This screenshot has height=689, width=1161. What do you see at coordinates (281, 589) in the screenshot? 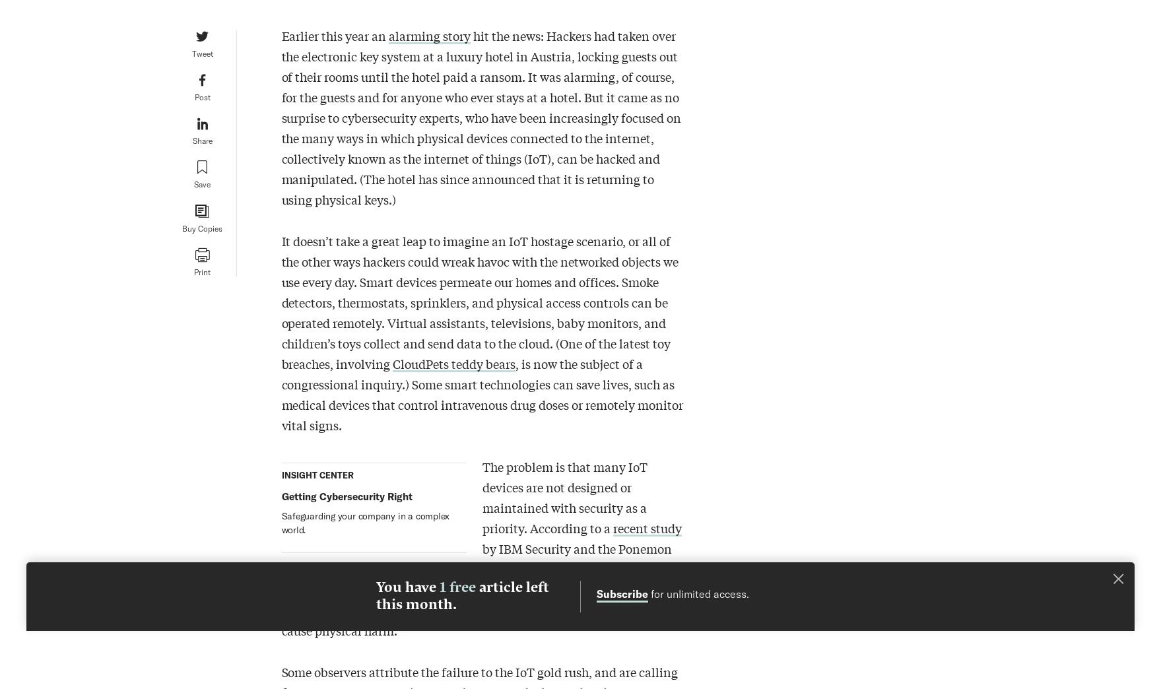
I see `'by IBM Security and the Ponemon Institute, 80% of organizations do not routinely test their IoT apps for security vulnerabilities. That makes it a lot easier for criminals to use IoT devices to spy, steal, and even cause physical harm.'` at bounding box center [281, 589].